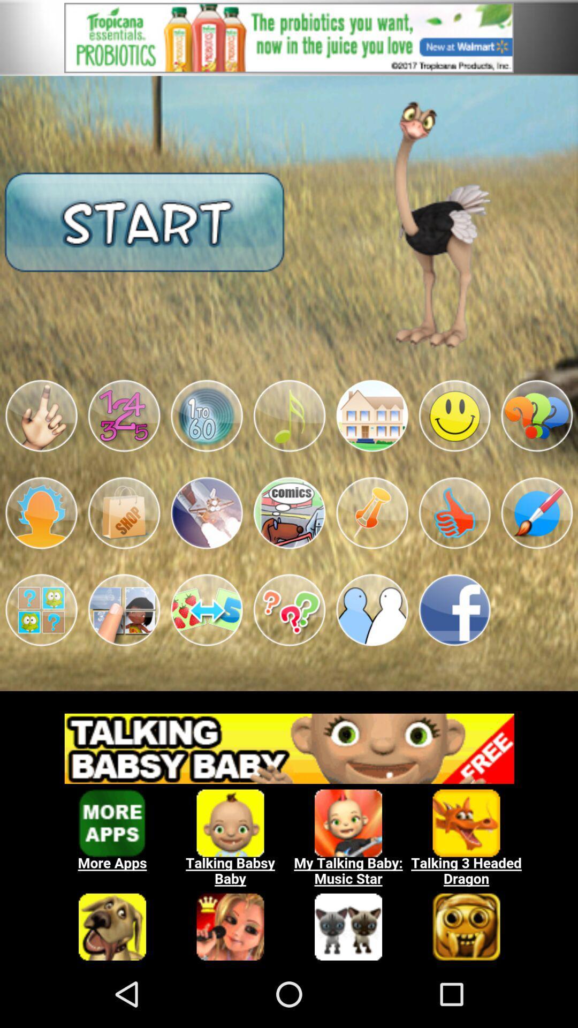 The height and width of the screenshot is (1028, 578). I want to click on the music, so click(289, 415).